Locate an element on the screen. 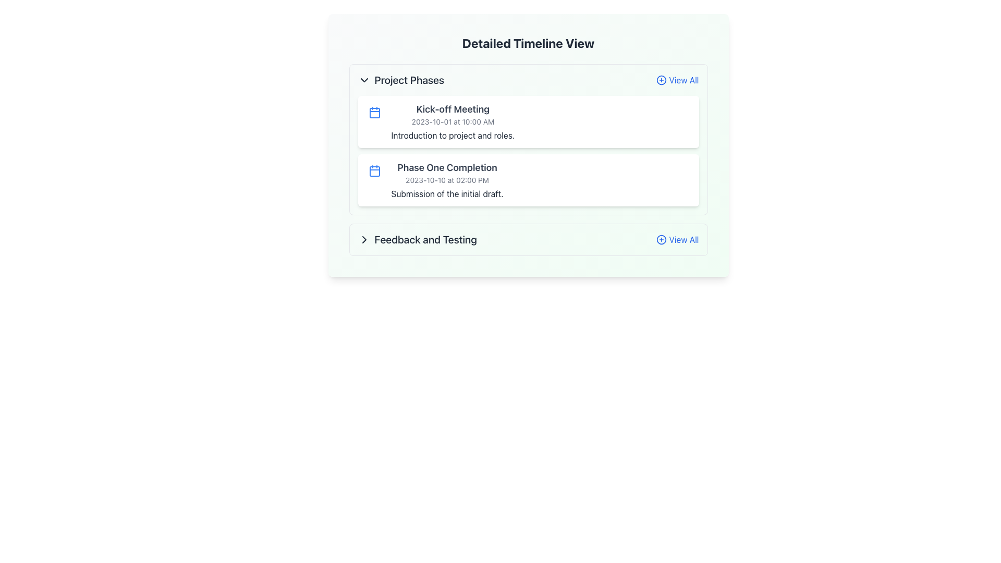  the details of the timeline entries in the vertically stacked list element containing 'Kick-off Meeting' and 'Phase One Completion' is located at coordinates (528, 151).